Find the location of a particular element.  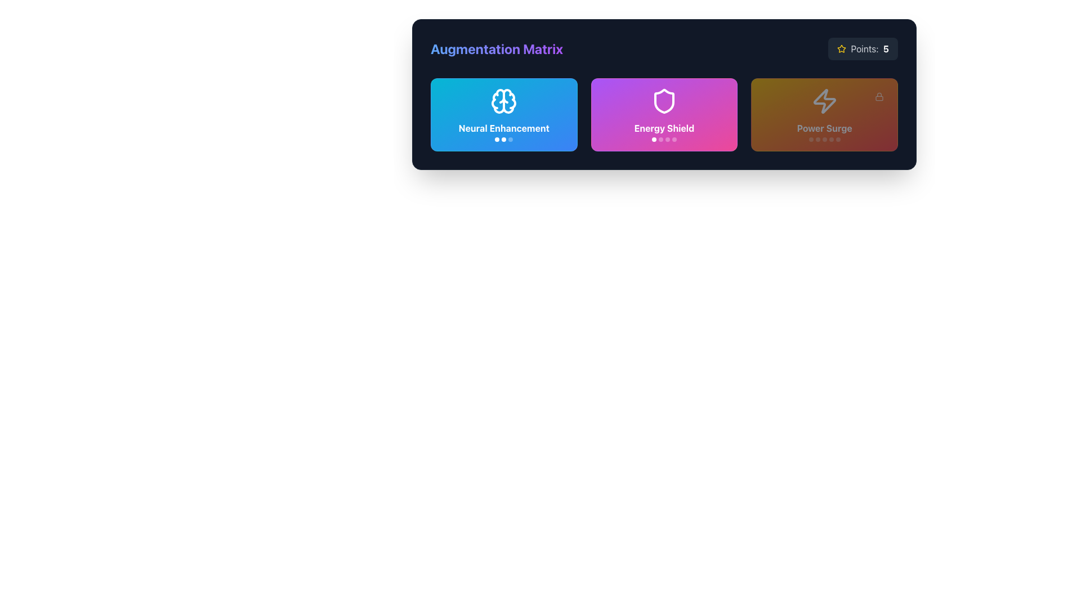

the decorative icon indicating 'points' or a reward mechanism, located to the left of the text 'Points: 5' in the top-right corner of the UI is located at coordinates (842, 48).